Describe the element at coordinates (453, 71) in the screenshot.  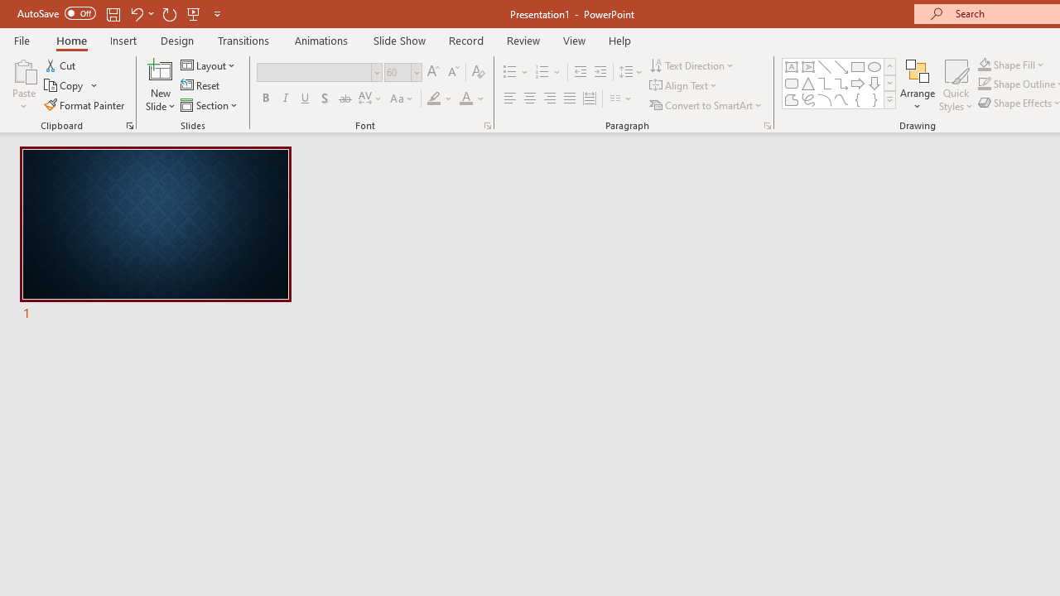
I see `'Decrease Font Size'` at that location.